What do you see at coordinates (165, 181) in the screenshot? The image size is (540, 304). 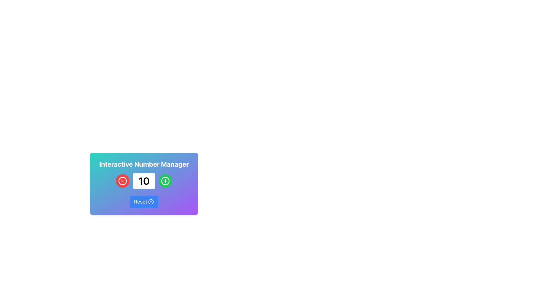 I see `the circular button with a green border and a white plus symbol to increment the value` at bounding box center [165, 181].